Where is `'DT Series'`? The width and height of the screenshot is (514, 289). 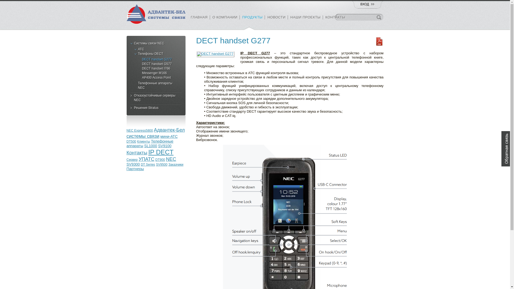 'DT Series' is located at coordinates (148, 164).